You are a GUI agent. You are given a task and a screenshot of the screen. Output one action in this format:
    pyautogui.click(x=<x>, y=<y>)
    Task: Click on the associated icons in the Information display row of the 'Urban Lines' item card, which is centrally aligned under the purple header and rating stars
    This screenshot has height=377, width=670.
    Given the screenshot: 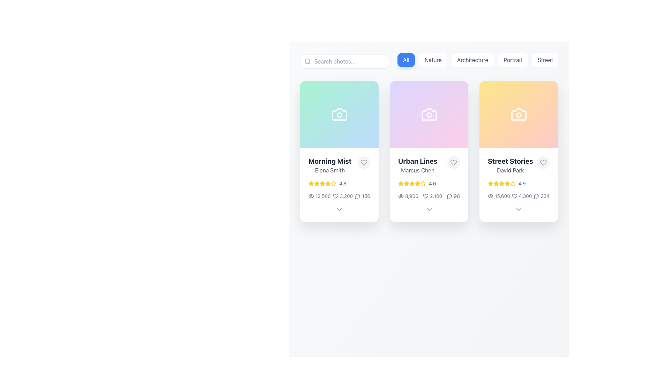 What is the action you would take?
    pyautogui.click(x=429, y=196)
    